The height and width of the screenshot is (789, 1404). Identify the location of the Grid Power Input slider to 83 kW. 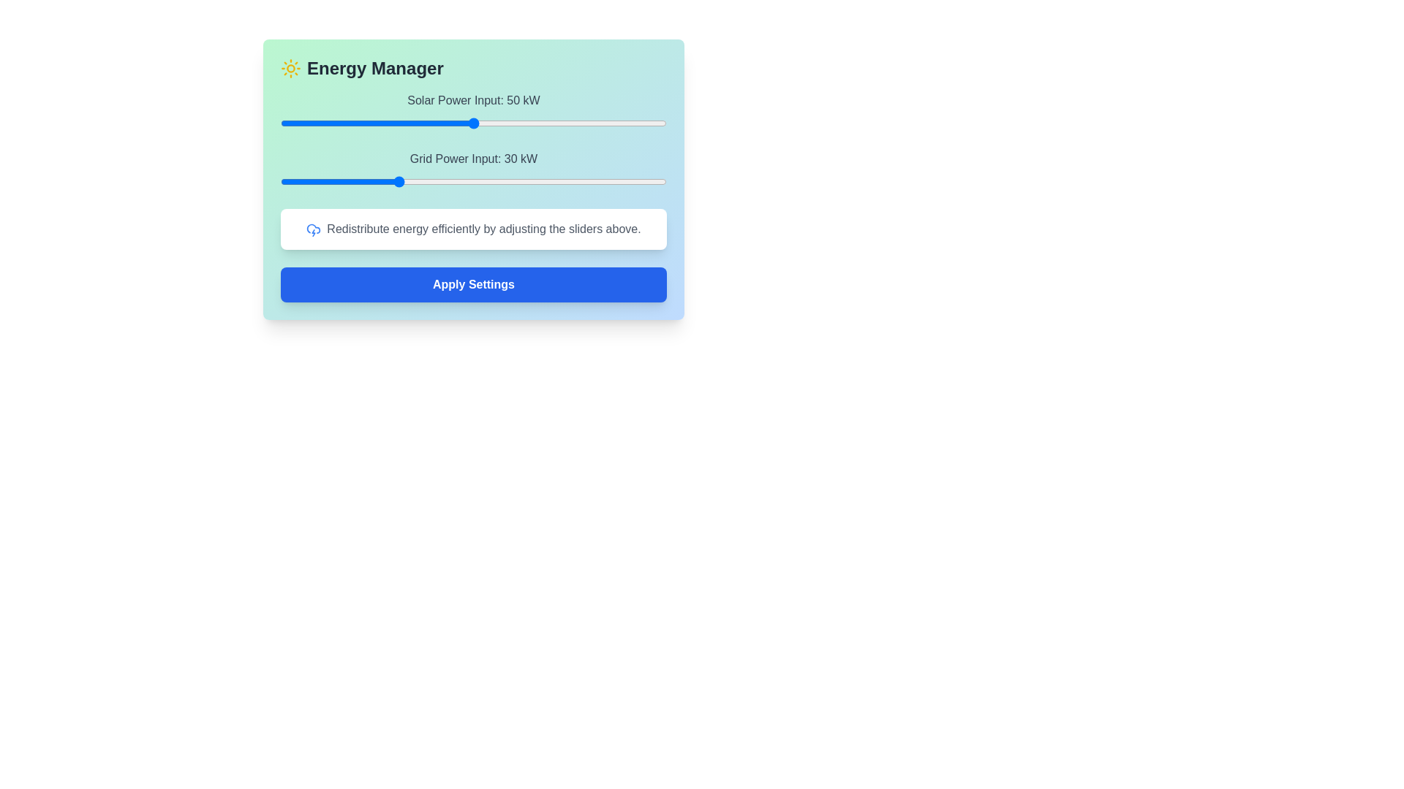
(601, 181).